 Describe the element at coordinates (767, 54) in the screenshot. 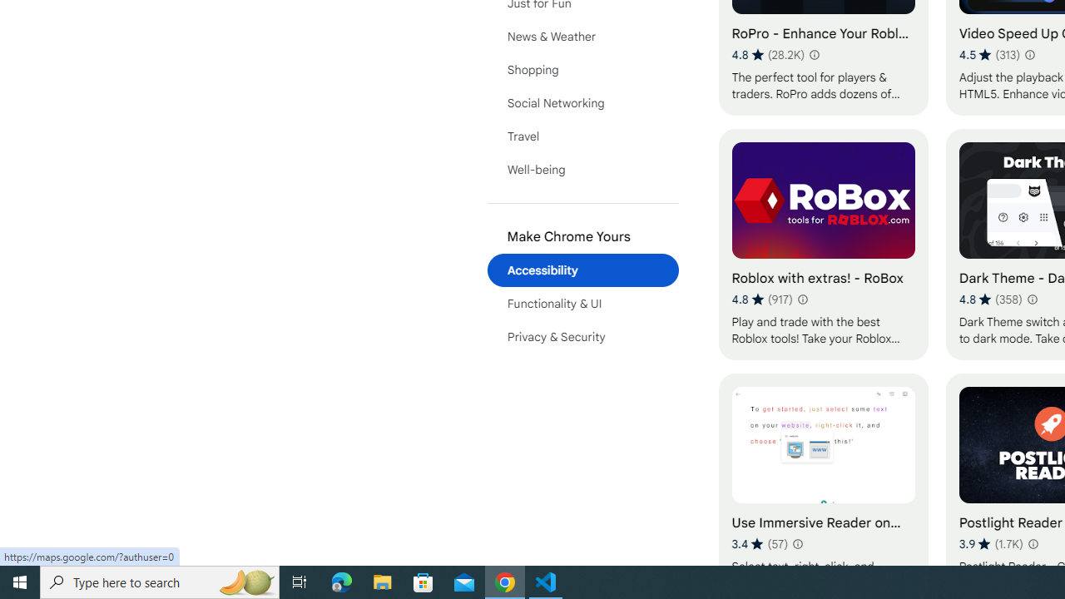

I see `'Average rating 4.8 out of 5 stars. 28.2K ratings.'` at that location.